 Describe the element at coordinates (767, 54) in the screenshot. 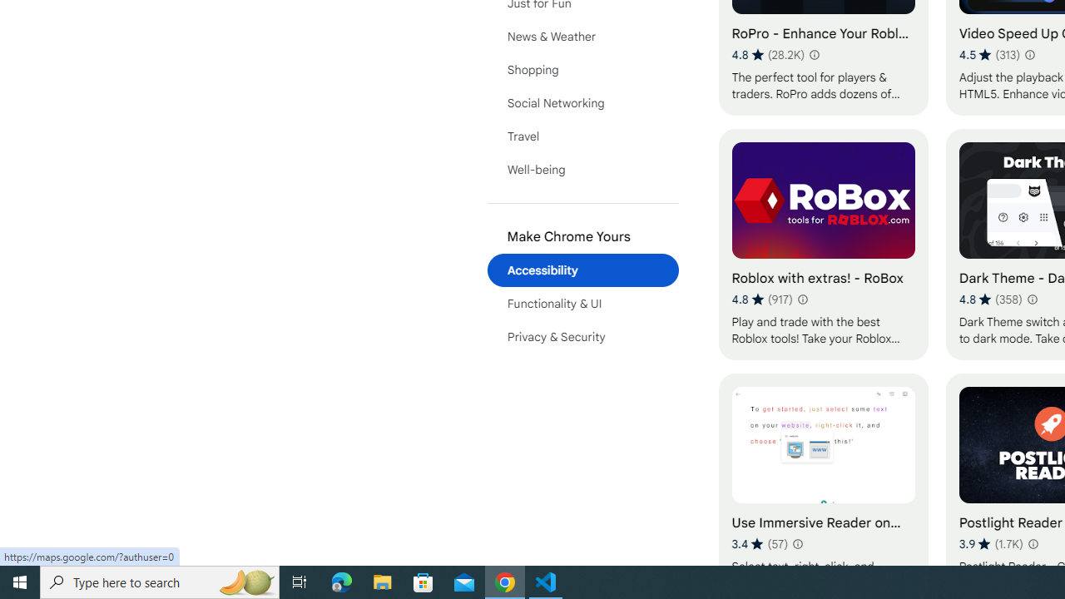

I see `'Average rating 4.8 out of 5 stars. 28.2K ratings.'` at that location.